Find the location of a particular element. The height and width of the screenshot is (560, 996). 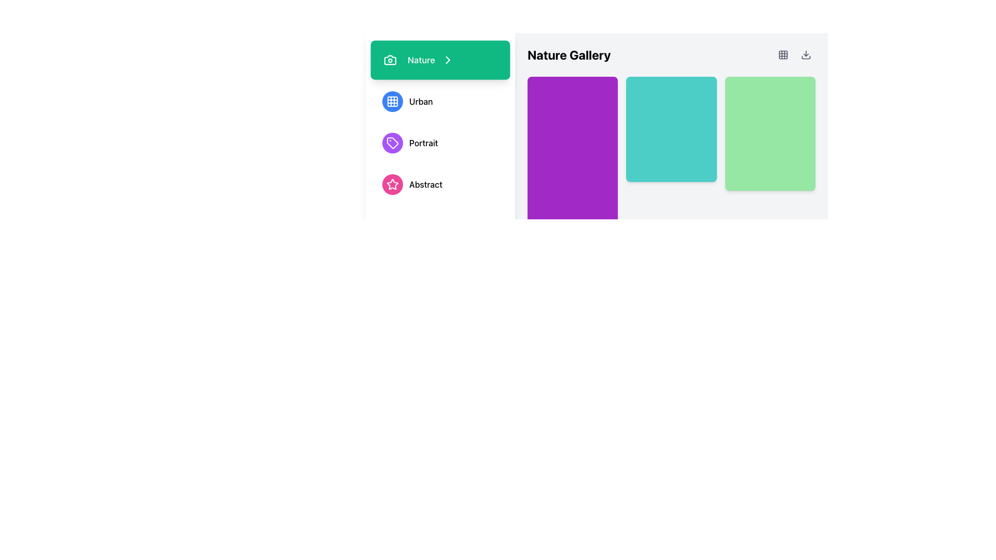

the rightward-pointing chevron icon located at the far-right end of the green, rounded button labeled 'Nature' is located at coordinates (448, 60).